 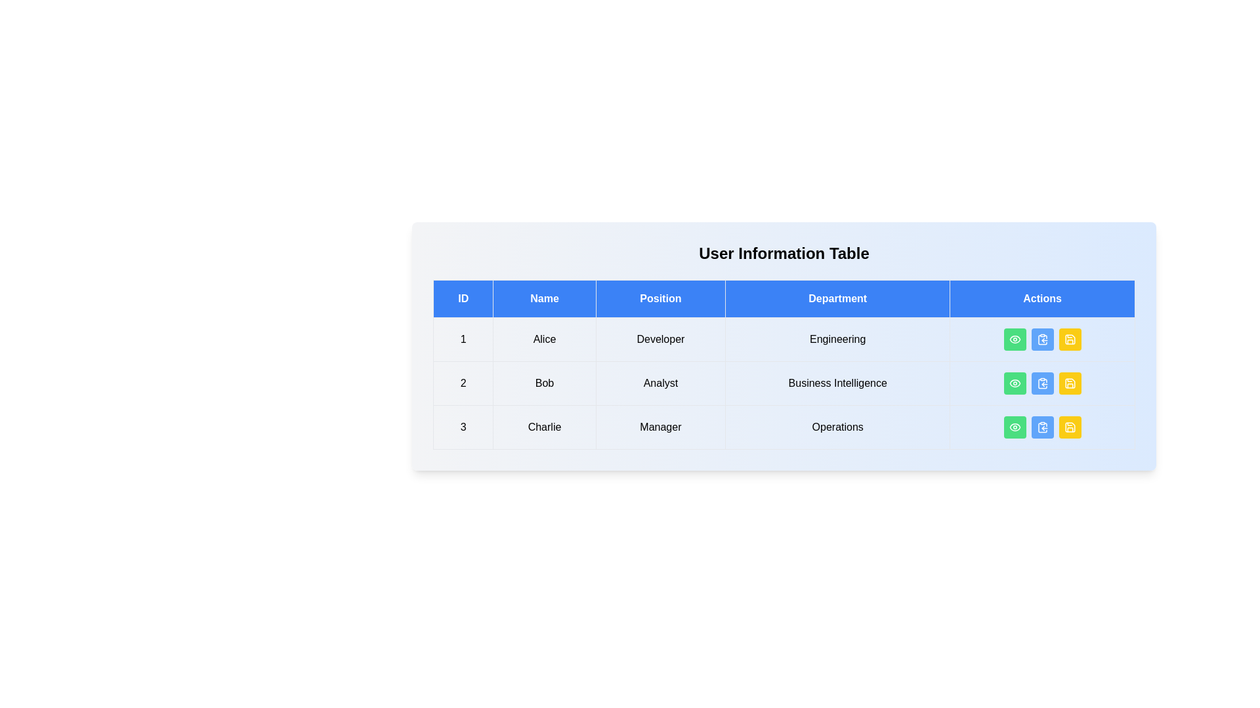 What do you see at coordinates (1014, 427) in the screenshot?
I see `the 'Eye' button in the 'Actions' column of the row corresponding to 3` at bounding box center [1014, 427].